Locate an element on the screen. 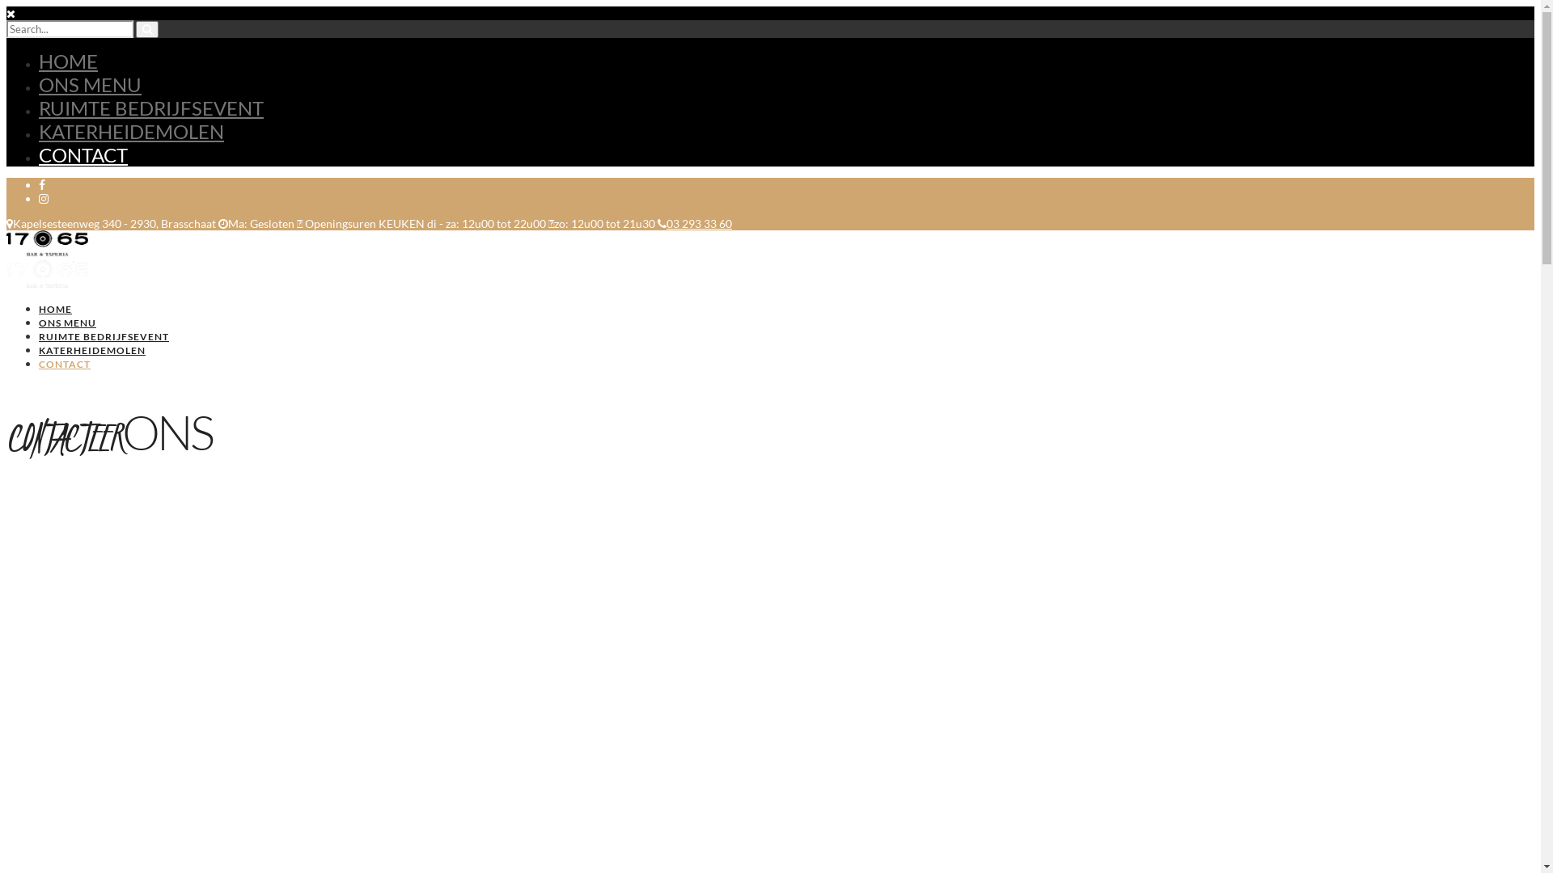 The width and height of the screenshot is (1553, 873). 'KATERHEIDEMOLEN' is located at coordinates (91, 349).